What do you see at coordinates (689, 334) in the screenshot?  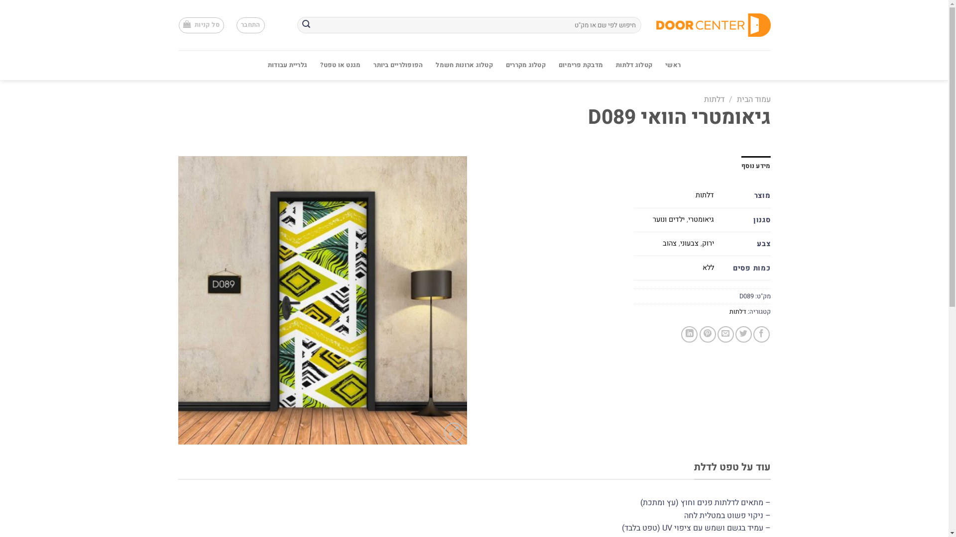 I see `'Share on LinkedIn'` at bounding box center [689, 334].